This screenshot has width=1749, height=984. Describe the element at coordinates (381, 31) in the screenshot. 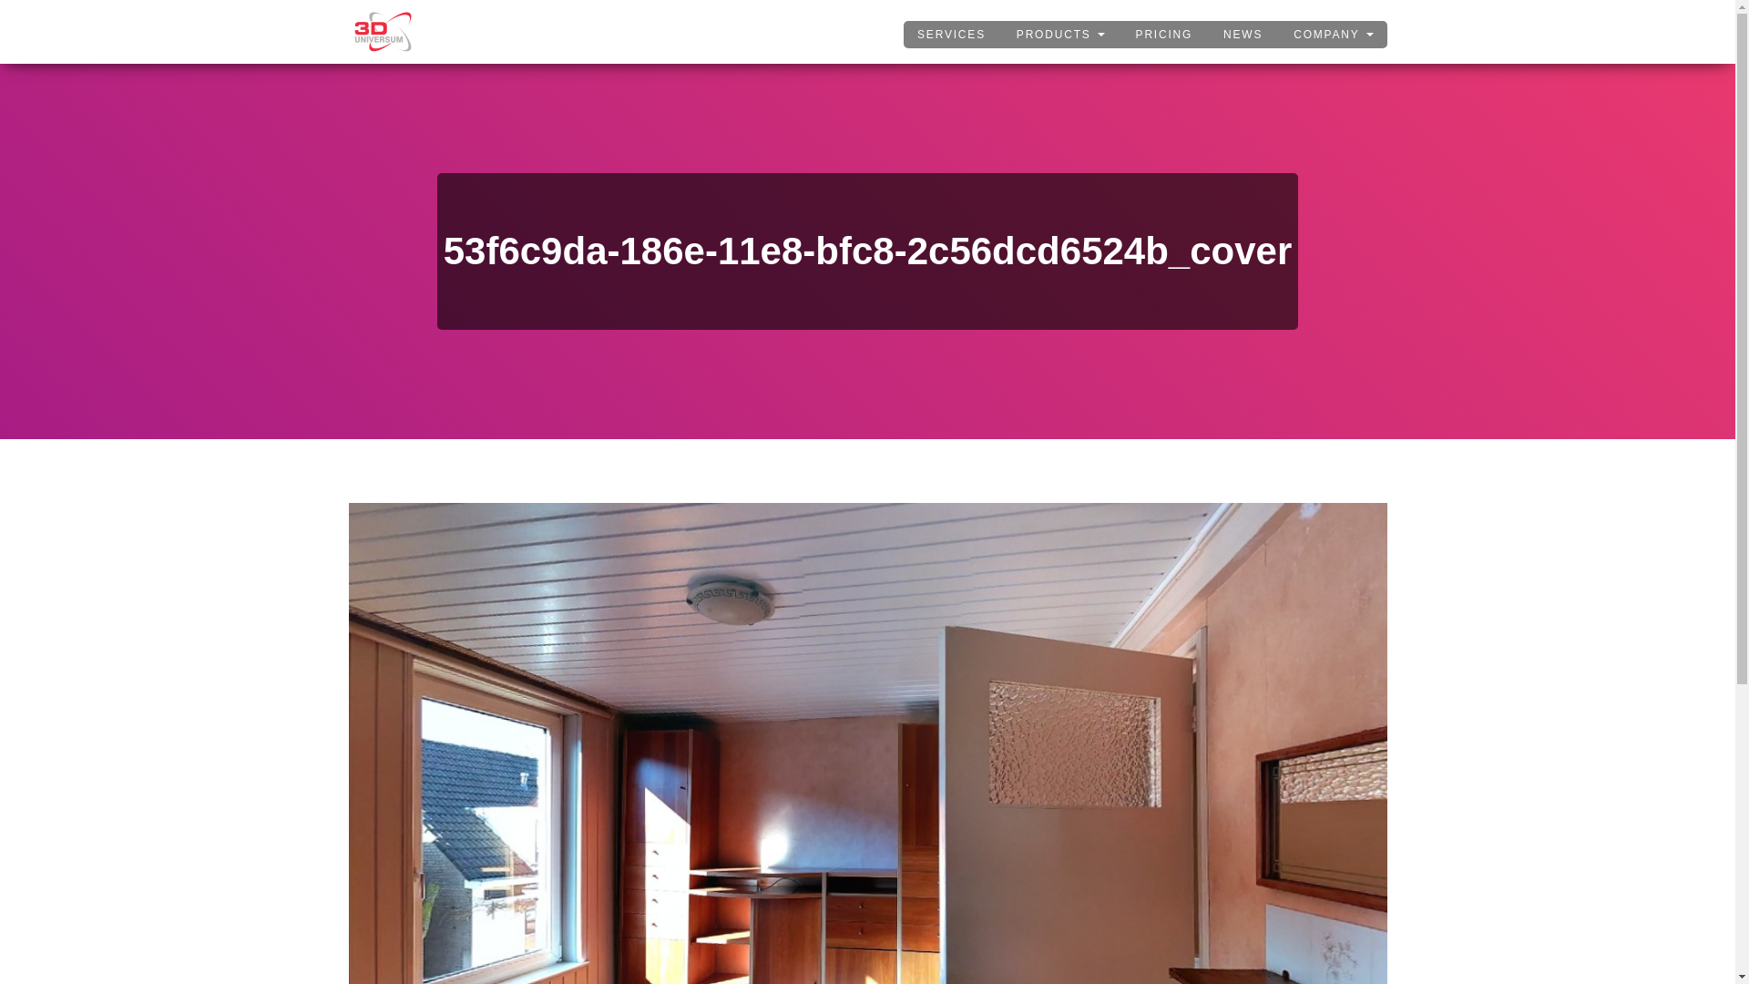

I see `'3DUNIVERSUM'` at that location.